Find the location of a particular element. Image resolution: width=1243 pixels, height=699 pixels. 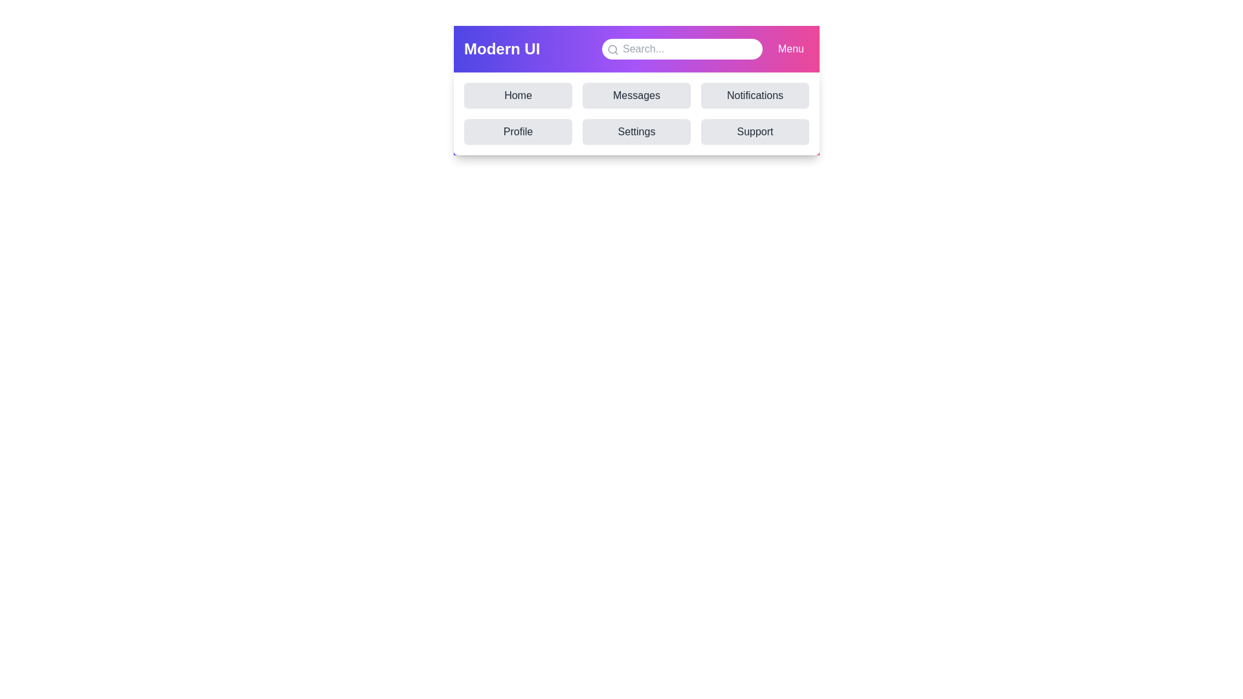

the 'Menu' button to toggle the navigation menu visibility is located at coordinates (790, 49).